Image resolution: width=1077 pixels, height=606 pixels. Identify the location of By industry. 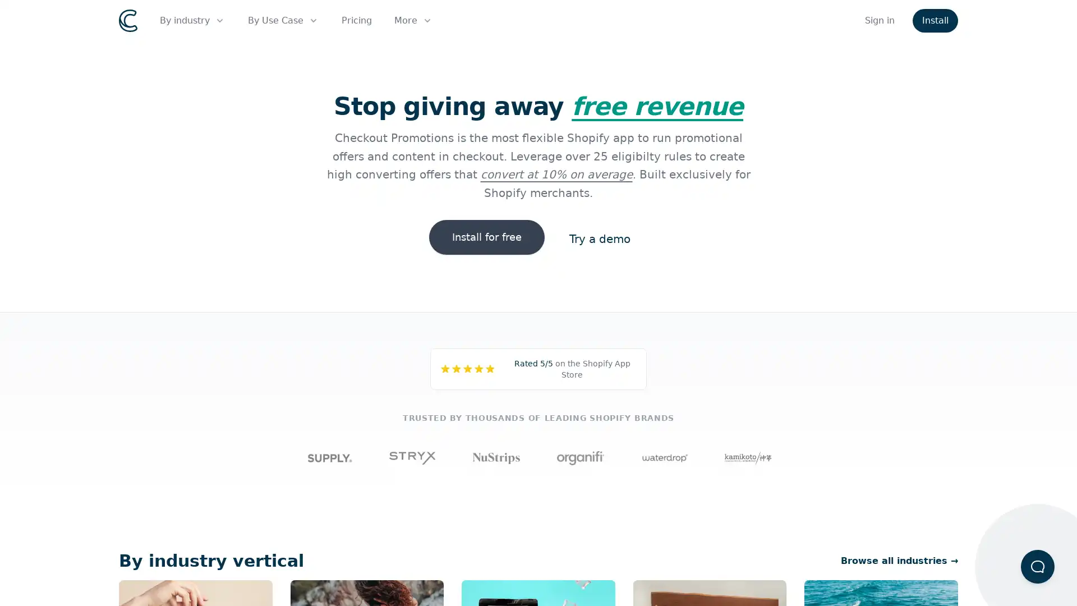
(192, 21).